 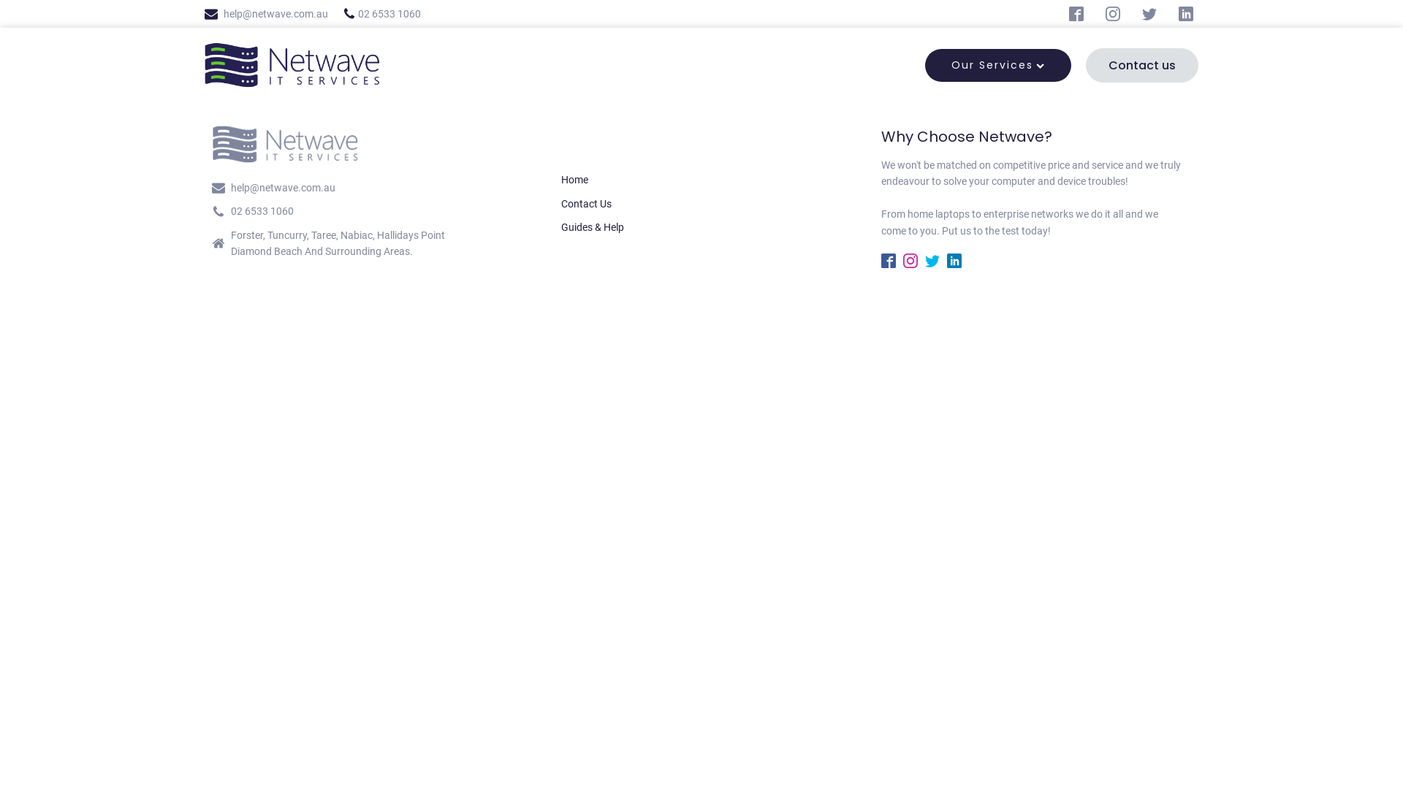 I want to click on '02 6533 1060', so click(x=259, y=211).